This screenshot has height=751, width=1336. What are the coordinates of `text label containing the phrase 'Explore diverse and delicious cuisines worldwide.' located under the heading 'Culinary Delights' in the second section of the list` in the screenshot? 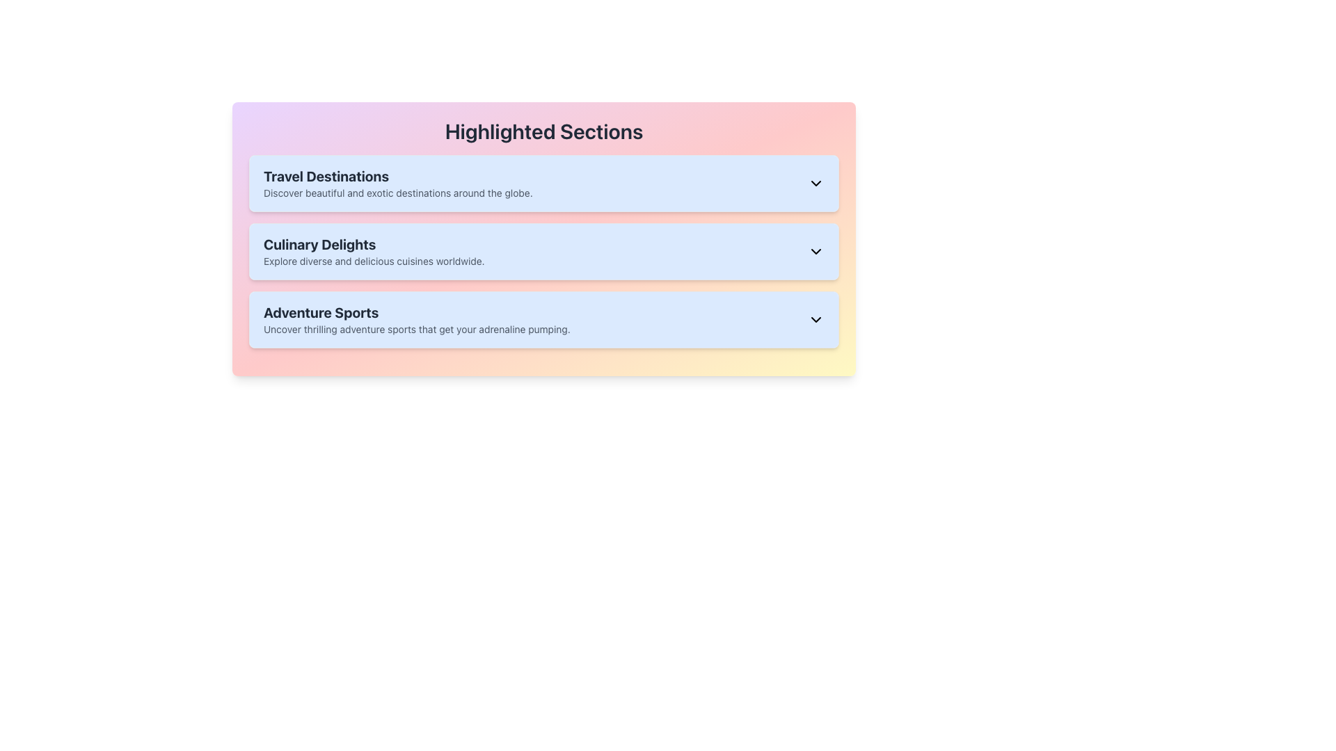 It's located at (374, 261).